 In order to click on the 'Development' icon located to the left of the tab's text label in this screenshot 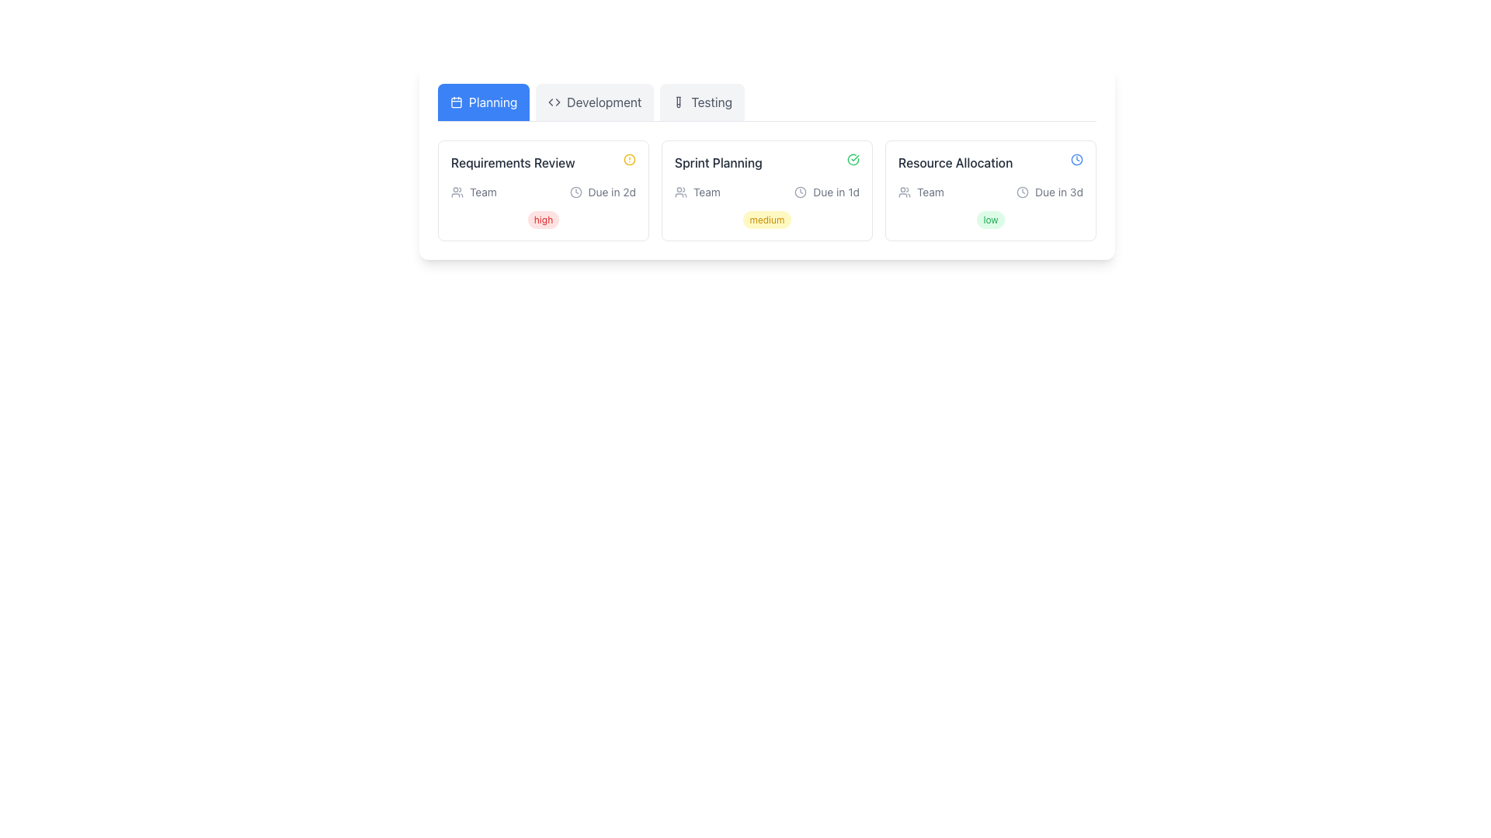, I will do `click(554, 102)`.